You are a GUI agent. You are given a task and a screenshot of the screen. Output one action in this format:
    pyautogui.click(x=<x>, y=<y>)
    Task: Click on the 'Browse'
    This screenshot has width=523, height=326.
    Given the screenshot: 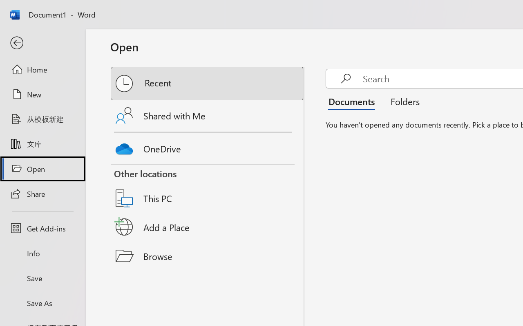 What is the action you would take?
    pyautogui.click(x=208, y=256)
    